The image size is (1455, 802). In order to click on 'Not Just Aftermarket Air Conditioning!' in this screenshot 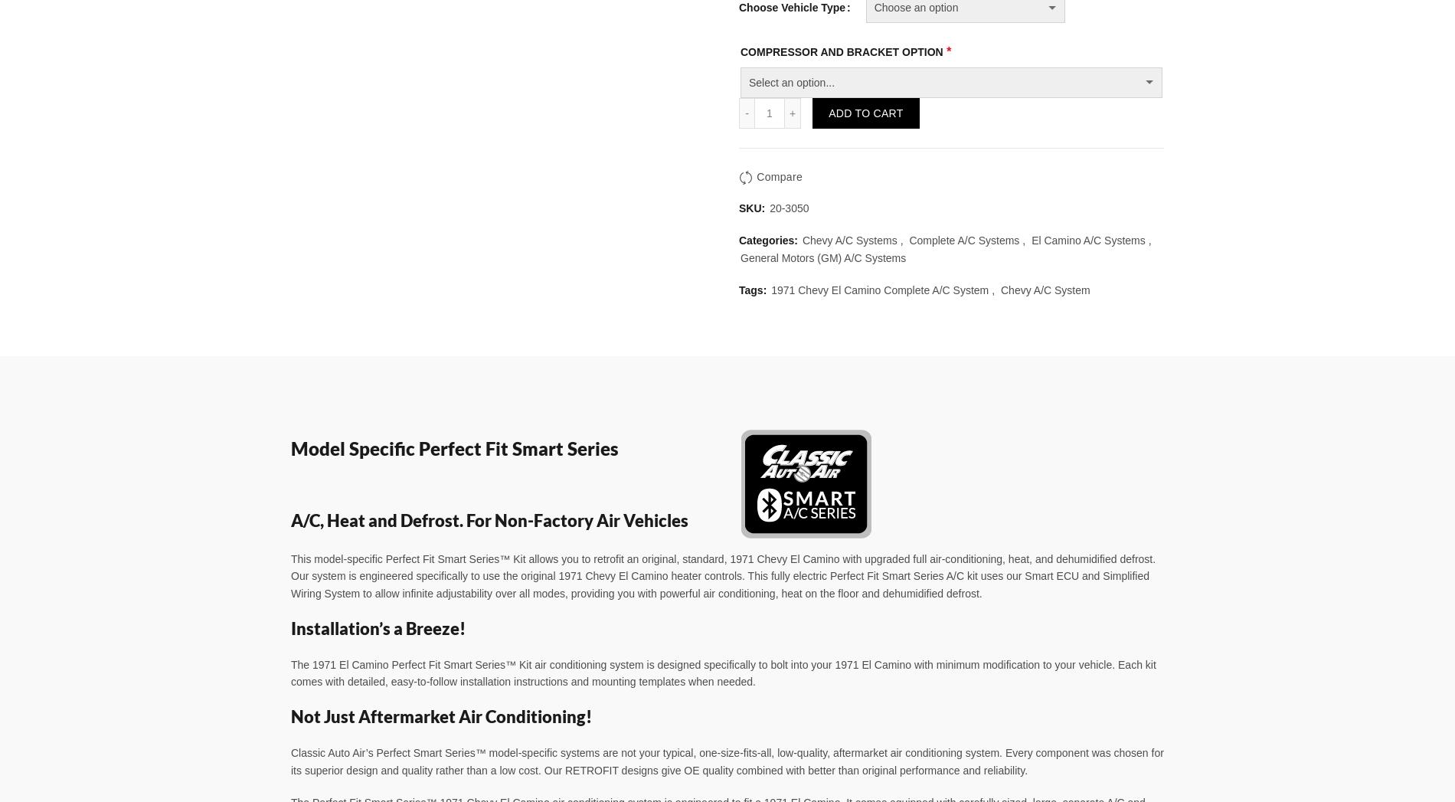, I will do `click(441, 716)`.